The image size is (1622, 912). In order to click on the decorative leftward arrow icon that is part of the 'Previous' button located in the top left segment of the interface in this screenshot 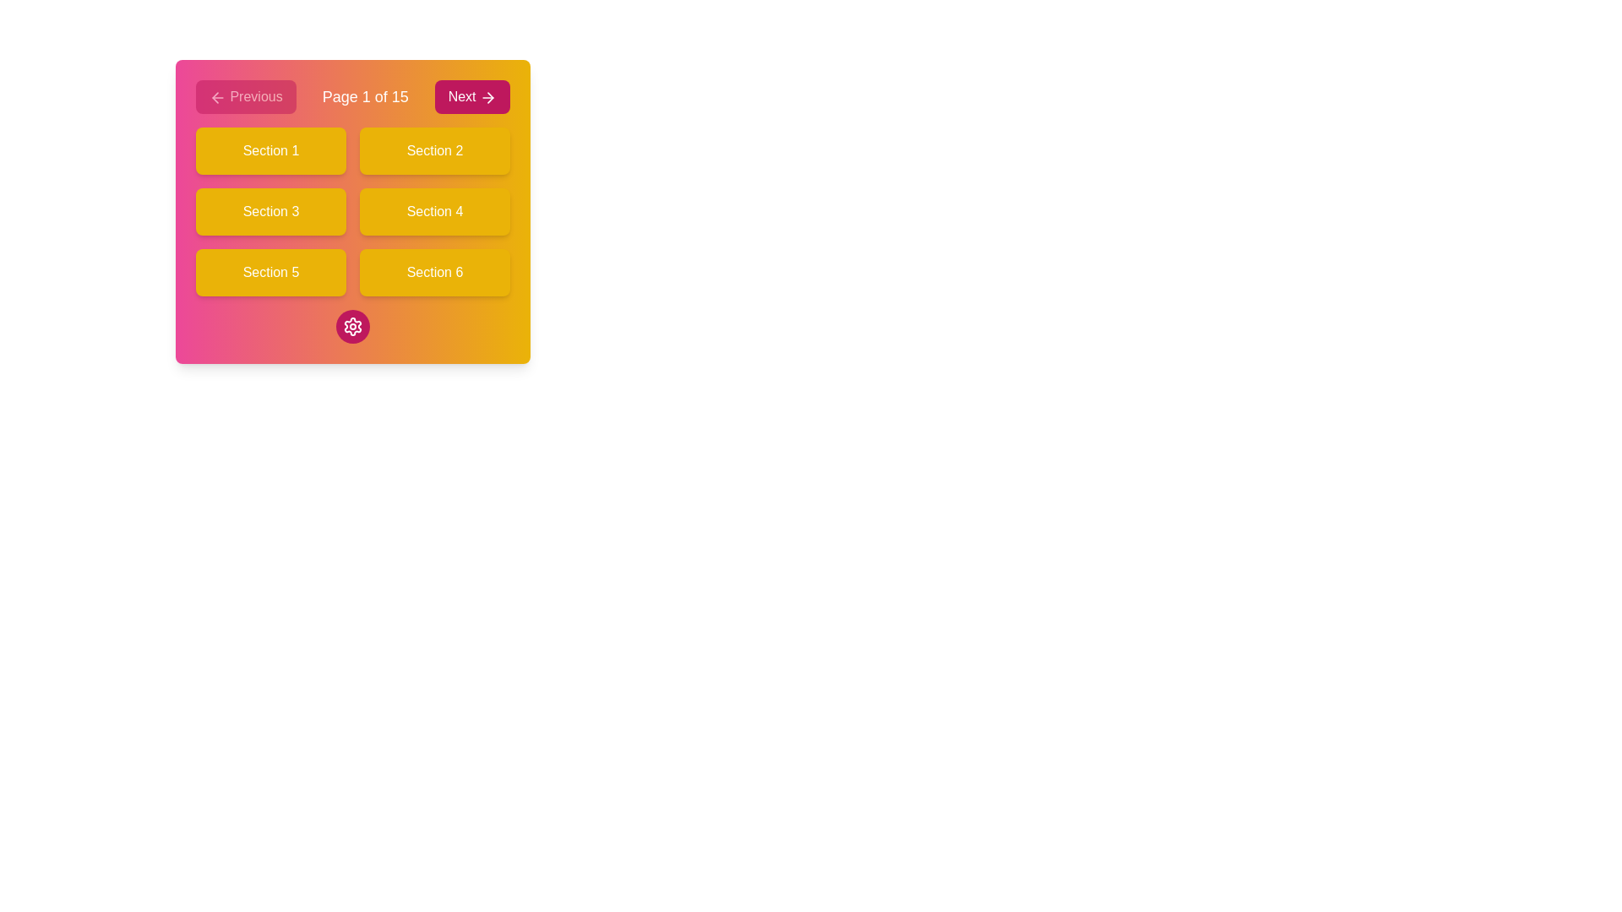, I will do `click(215, 97)`.